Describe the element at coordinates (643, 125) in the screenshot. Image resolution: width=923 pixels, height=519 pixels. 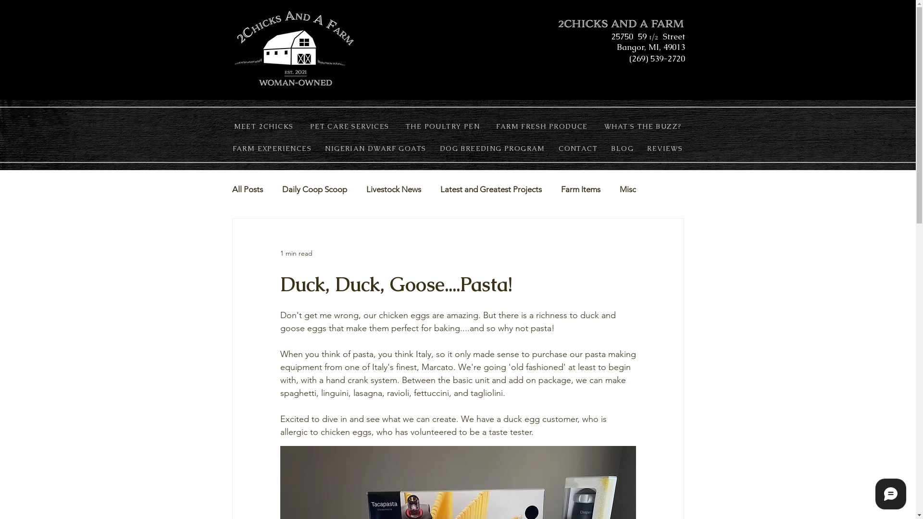
I see `'WHAT'S THE BUZZ?'` at that location.